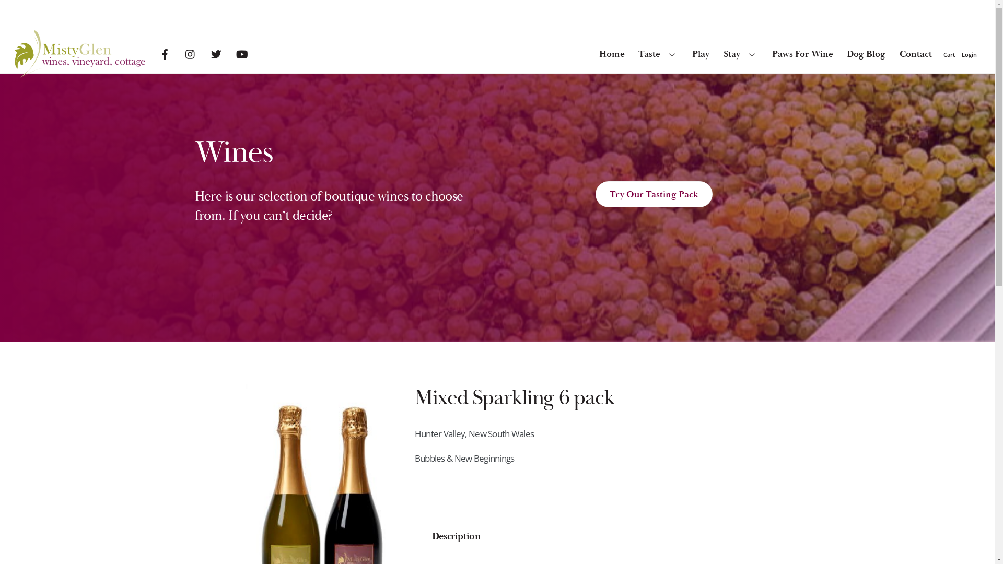 This screenshot has height=564, width=1003. I want to click on 'Try Our Tasting Pack', so click(654, 194).